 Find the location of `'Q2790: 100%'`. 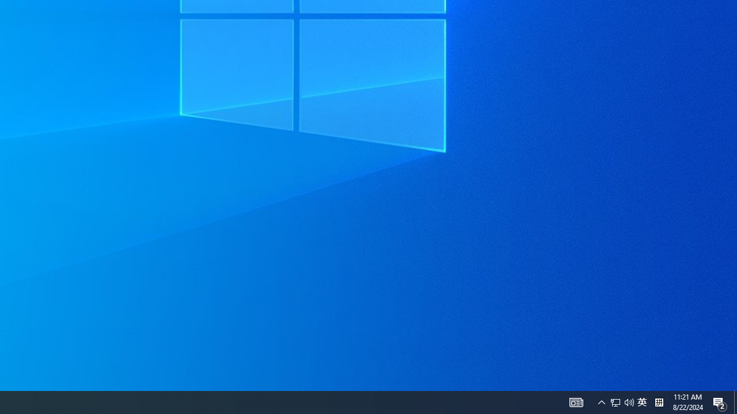

'Q2790: 100%' is located at coordinates (621, 401).